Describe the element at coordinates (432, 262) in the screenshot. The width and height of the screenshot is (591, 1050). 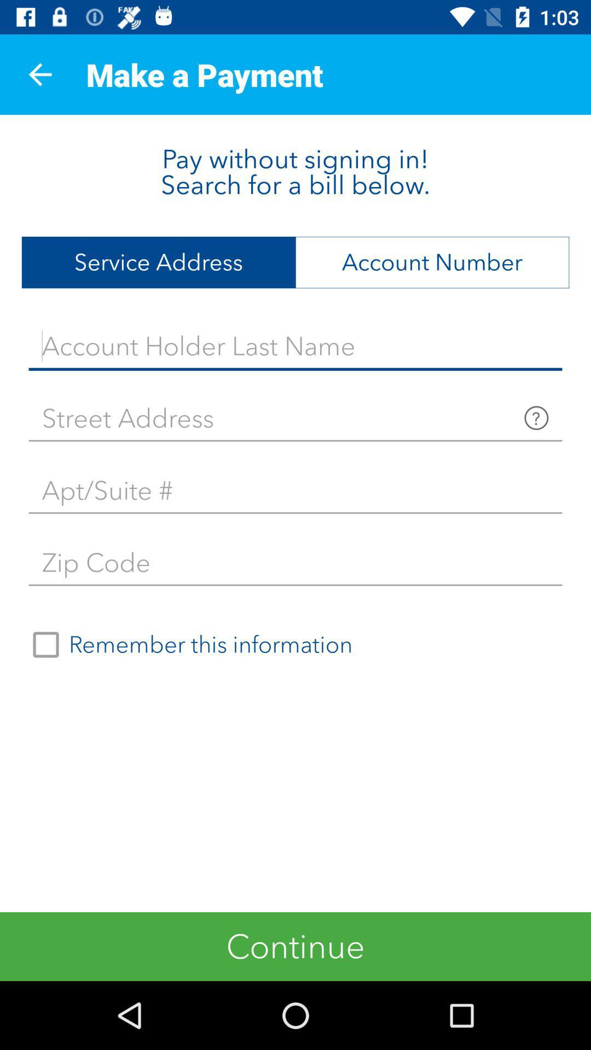
I see `account number icon` at that location.